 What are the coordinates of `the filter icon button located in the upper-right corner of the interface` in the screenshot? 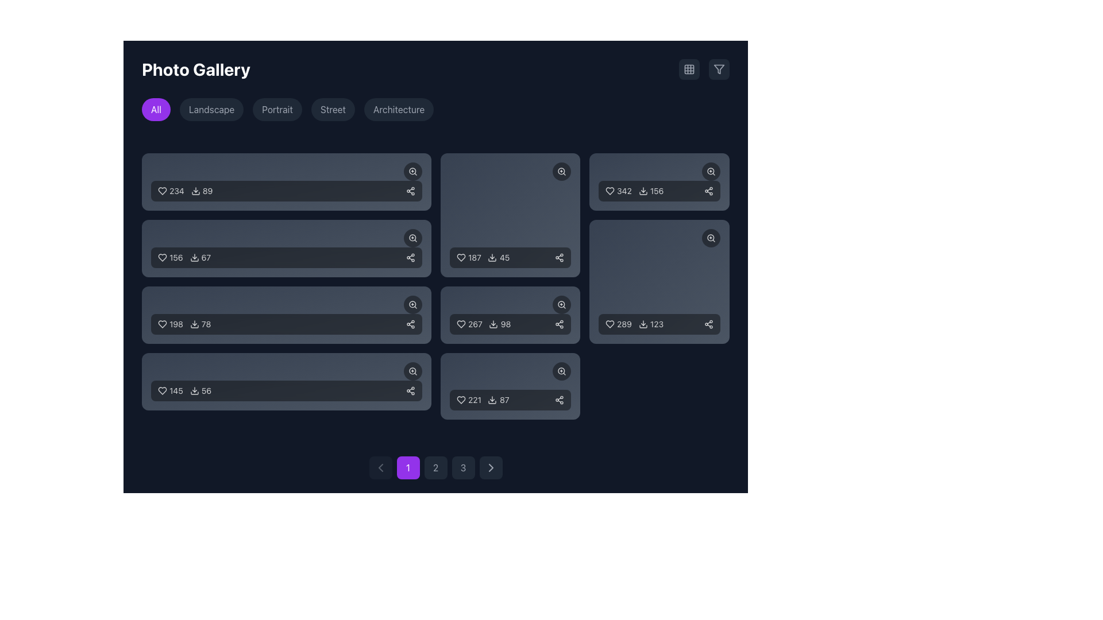 It's located at (719, 69).